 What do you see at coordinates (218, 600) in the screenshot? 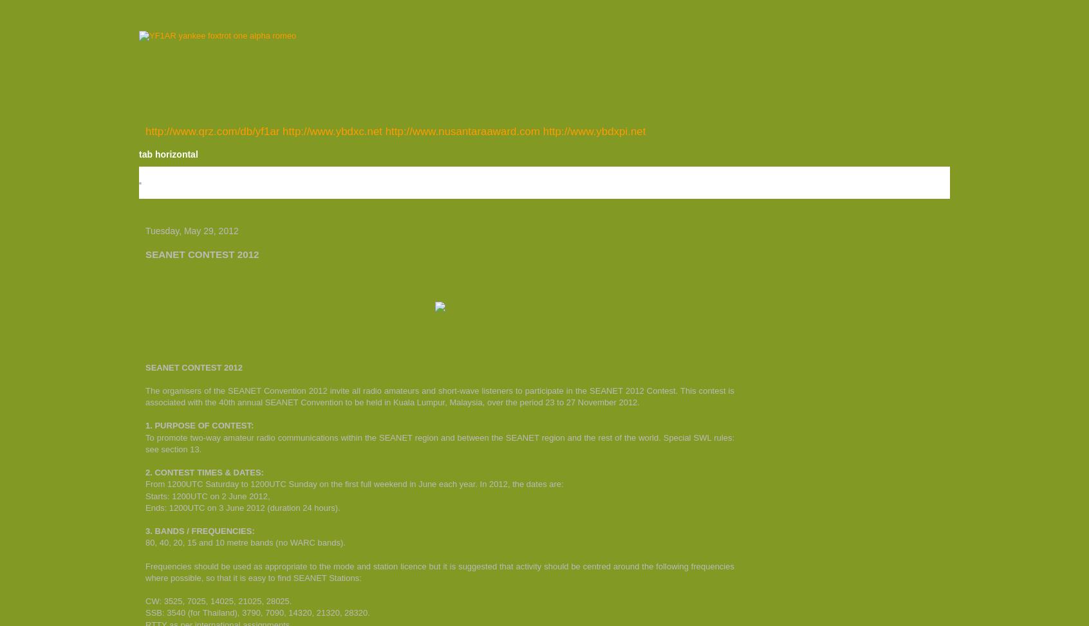
I see `'CW: 3525, 7025, 14025, 21025, 28025.'` at bounding box center [218, 600].